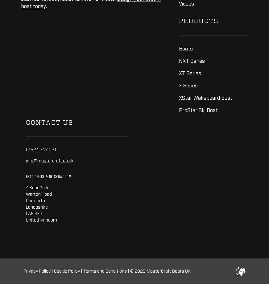 The height and width of the screenshot is (284, 269). Describe the element at coordinates (41, 219) in the screenshot. I see `'United Kingdom'` at that location.